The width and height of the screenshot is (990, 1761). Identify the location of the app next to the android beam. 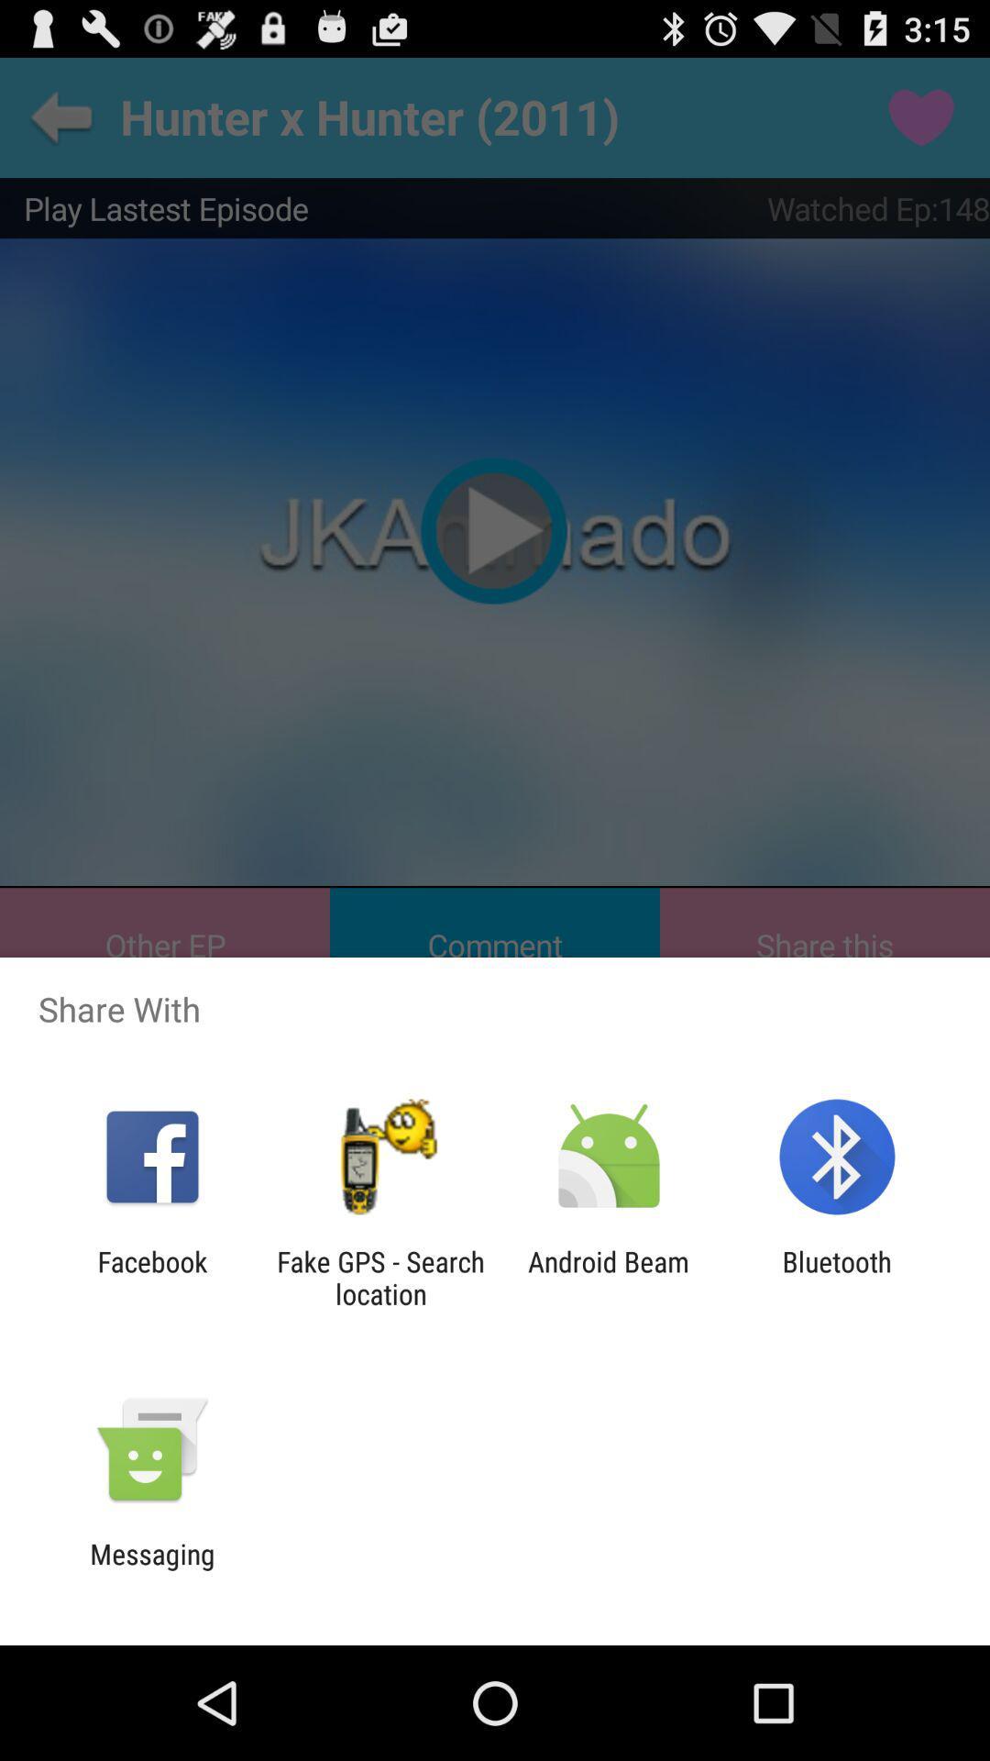
(837, 1277).